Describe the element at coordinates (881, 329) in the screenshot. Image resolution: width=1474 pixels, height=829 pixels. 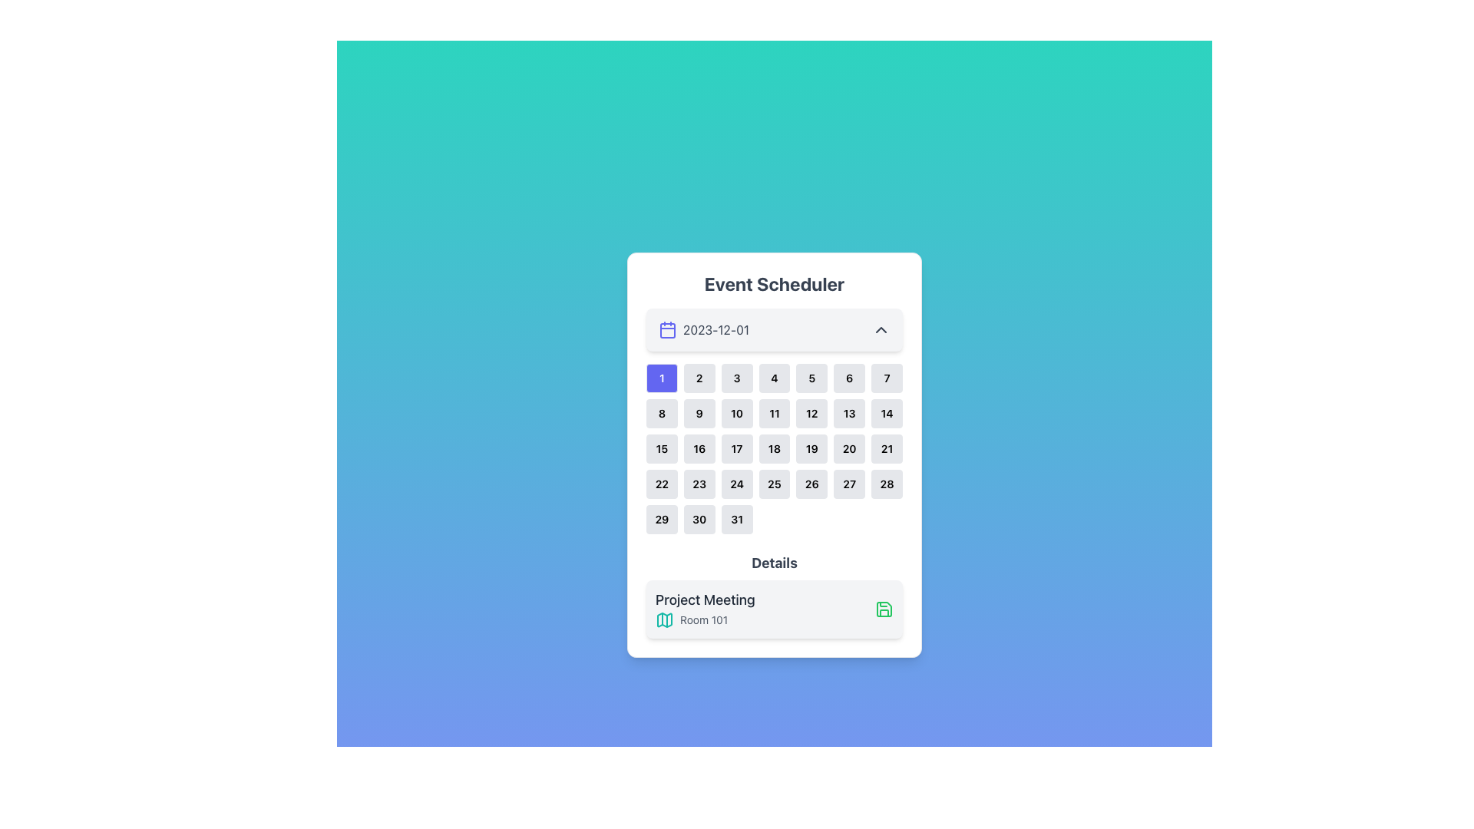
I see `the date interaction icon located in the upper-right corner of the date display '2023-12-01'` at that location.